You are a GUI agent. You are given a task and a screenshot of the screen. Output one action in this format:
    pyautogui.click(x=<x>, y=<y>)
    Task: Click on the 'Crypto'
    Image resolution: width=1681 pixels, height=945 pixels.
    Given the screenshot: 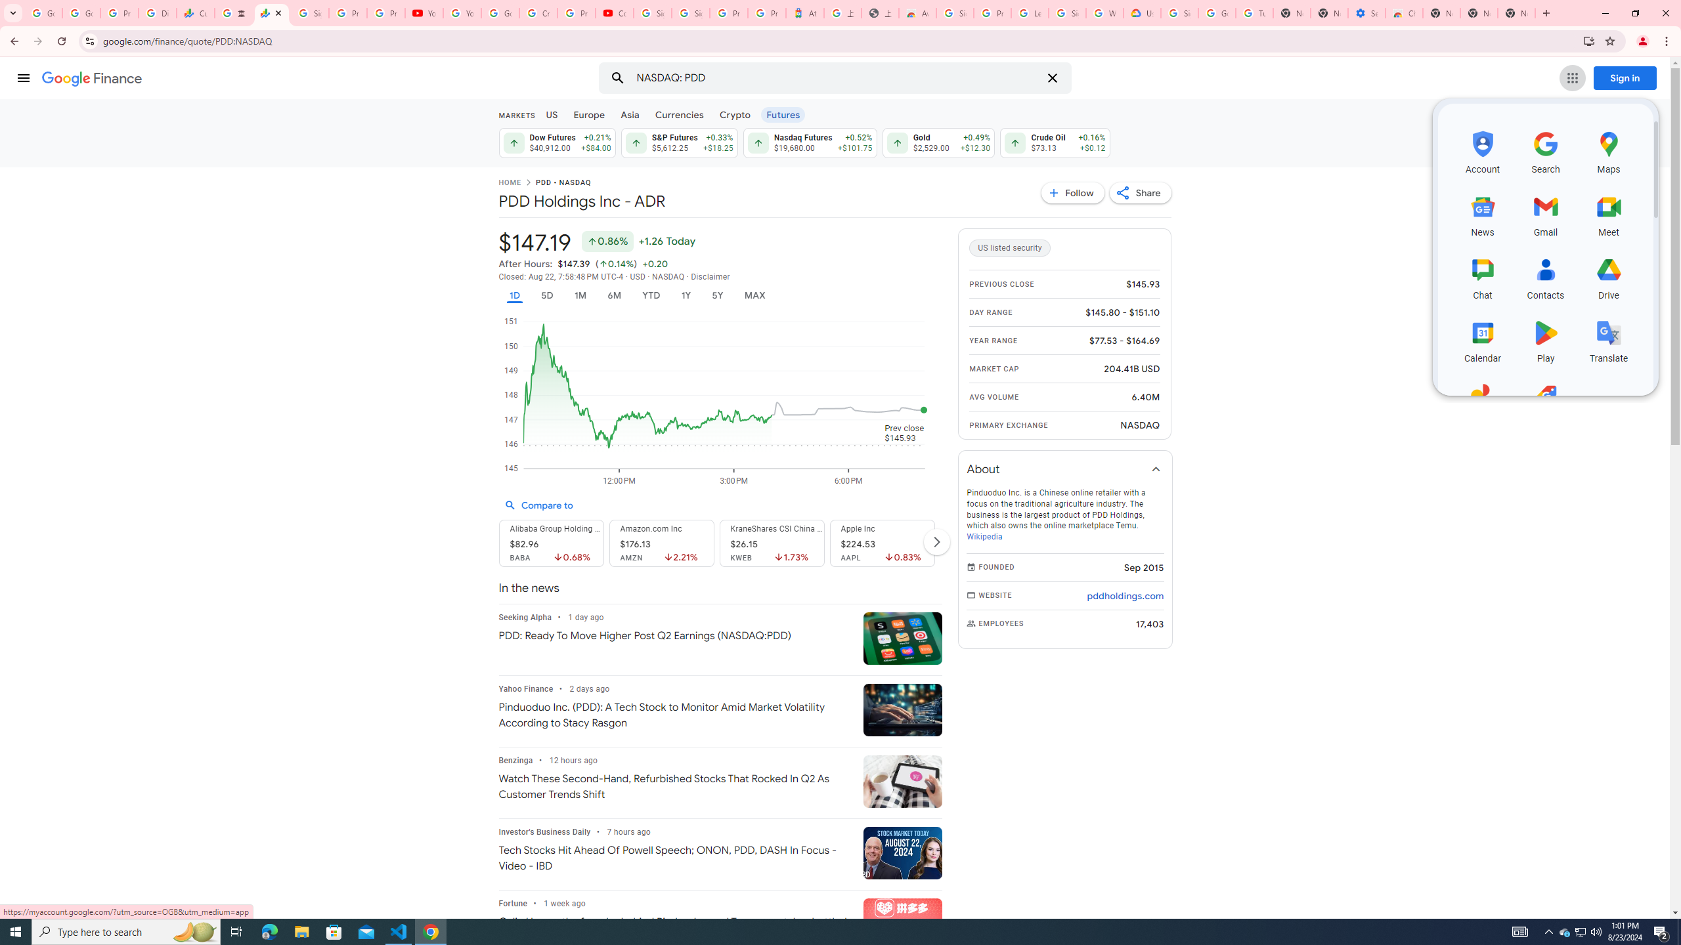 What is the action you would take?
    pyautogui.click(x=735, y=114)
    